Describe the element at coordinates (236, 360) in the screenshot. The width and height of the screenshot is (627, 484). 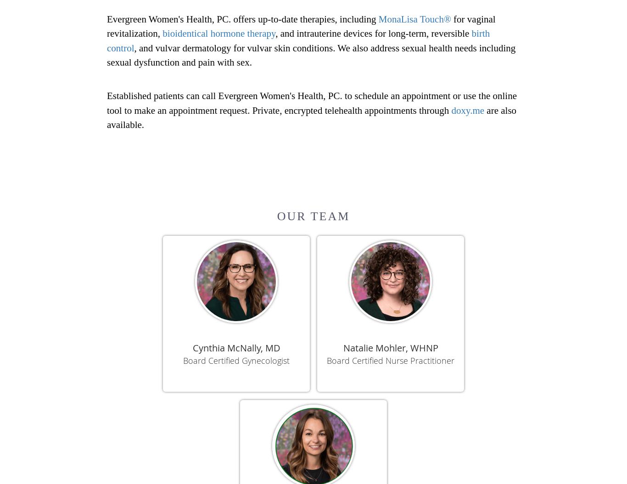
I see `'Board Certified Gynecologist'` at that location.